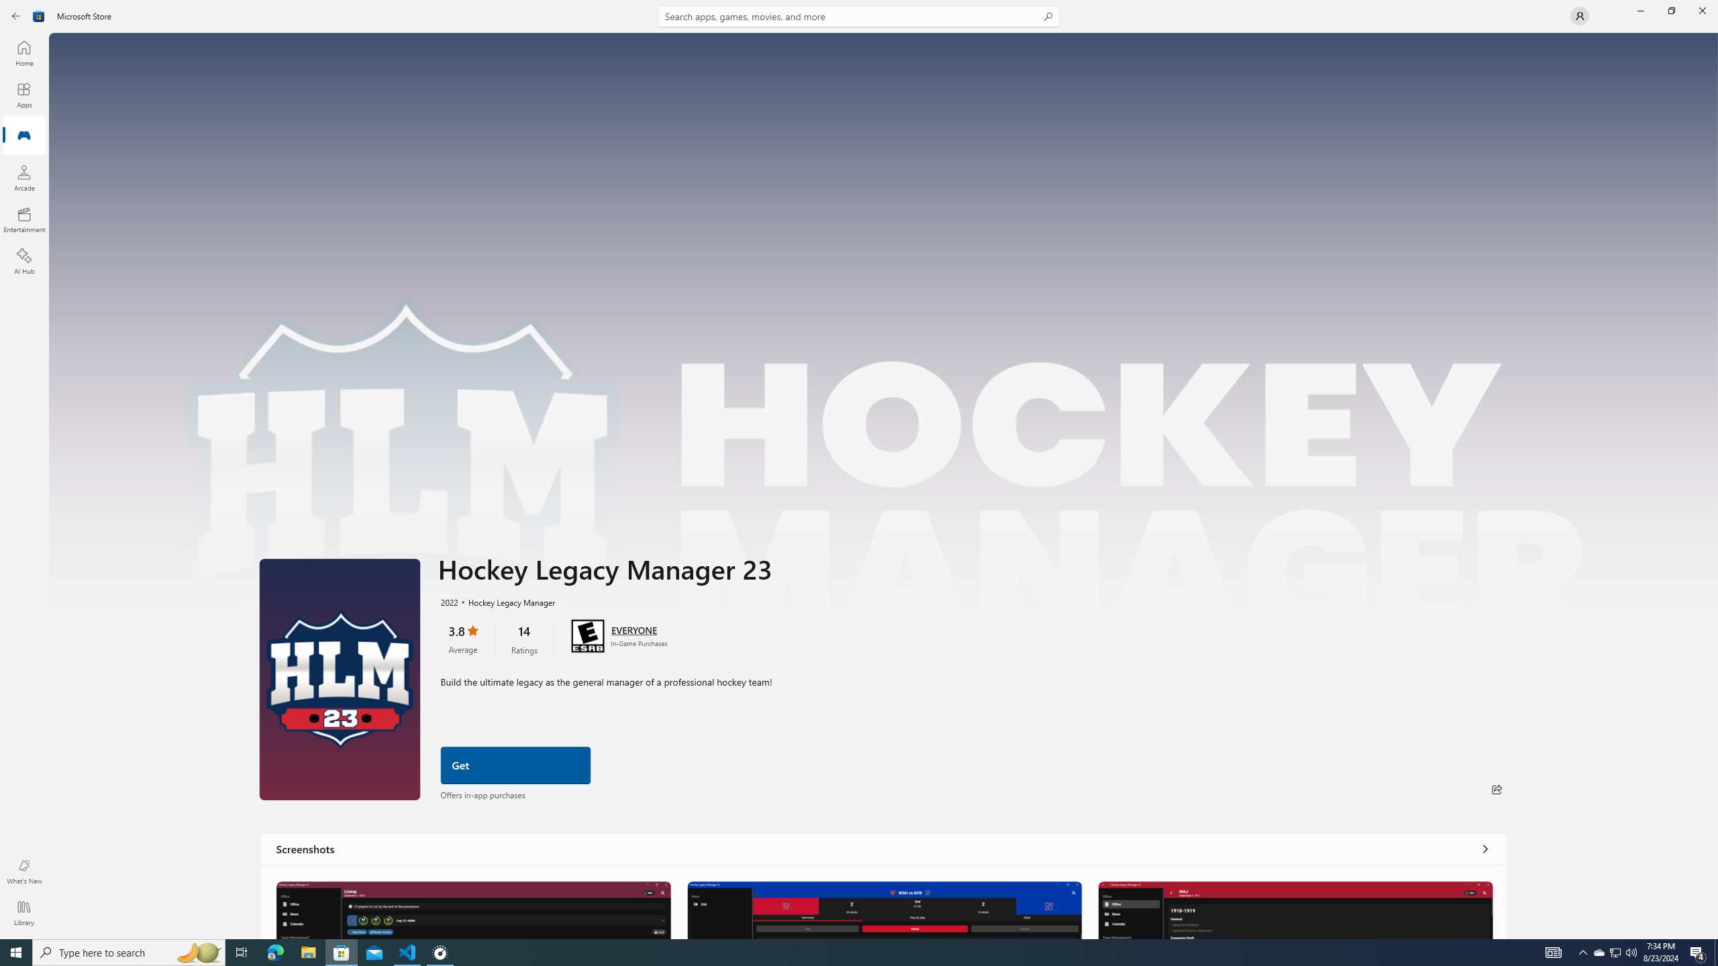 The width and height of the screenshot is (1718, 966). I want to click on 'What', so click(23, 871).